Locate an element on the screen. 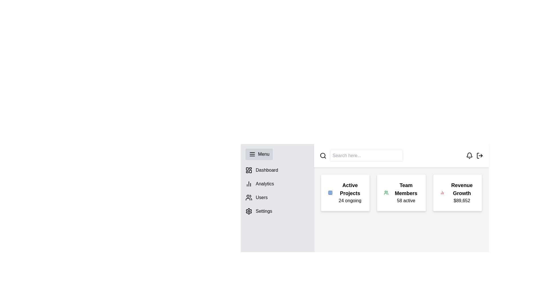 The image size is (548, 308). the 'Users' icon, which resembles two abstract human figures, located at the far left of the navigation menu is located at coordinates (249, 197).